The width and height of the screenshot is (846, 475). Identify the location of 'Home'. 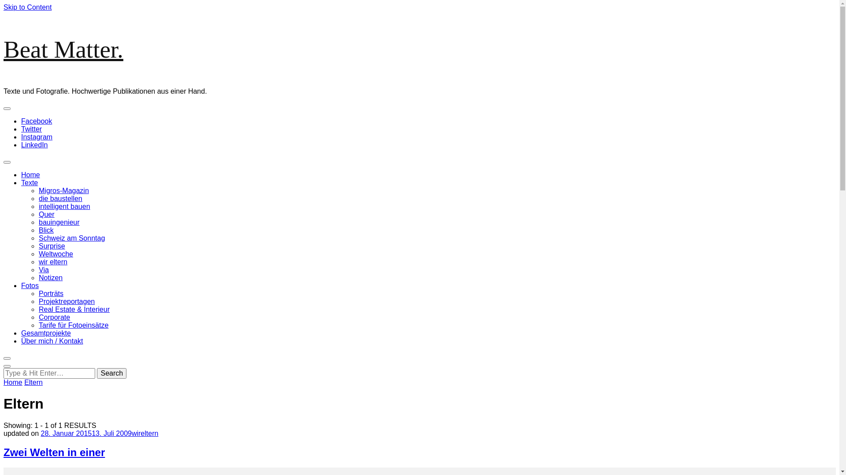
(30, 175).